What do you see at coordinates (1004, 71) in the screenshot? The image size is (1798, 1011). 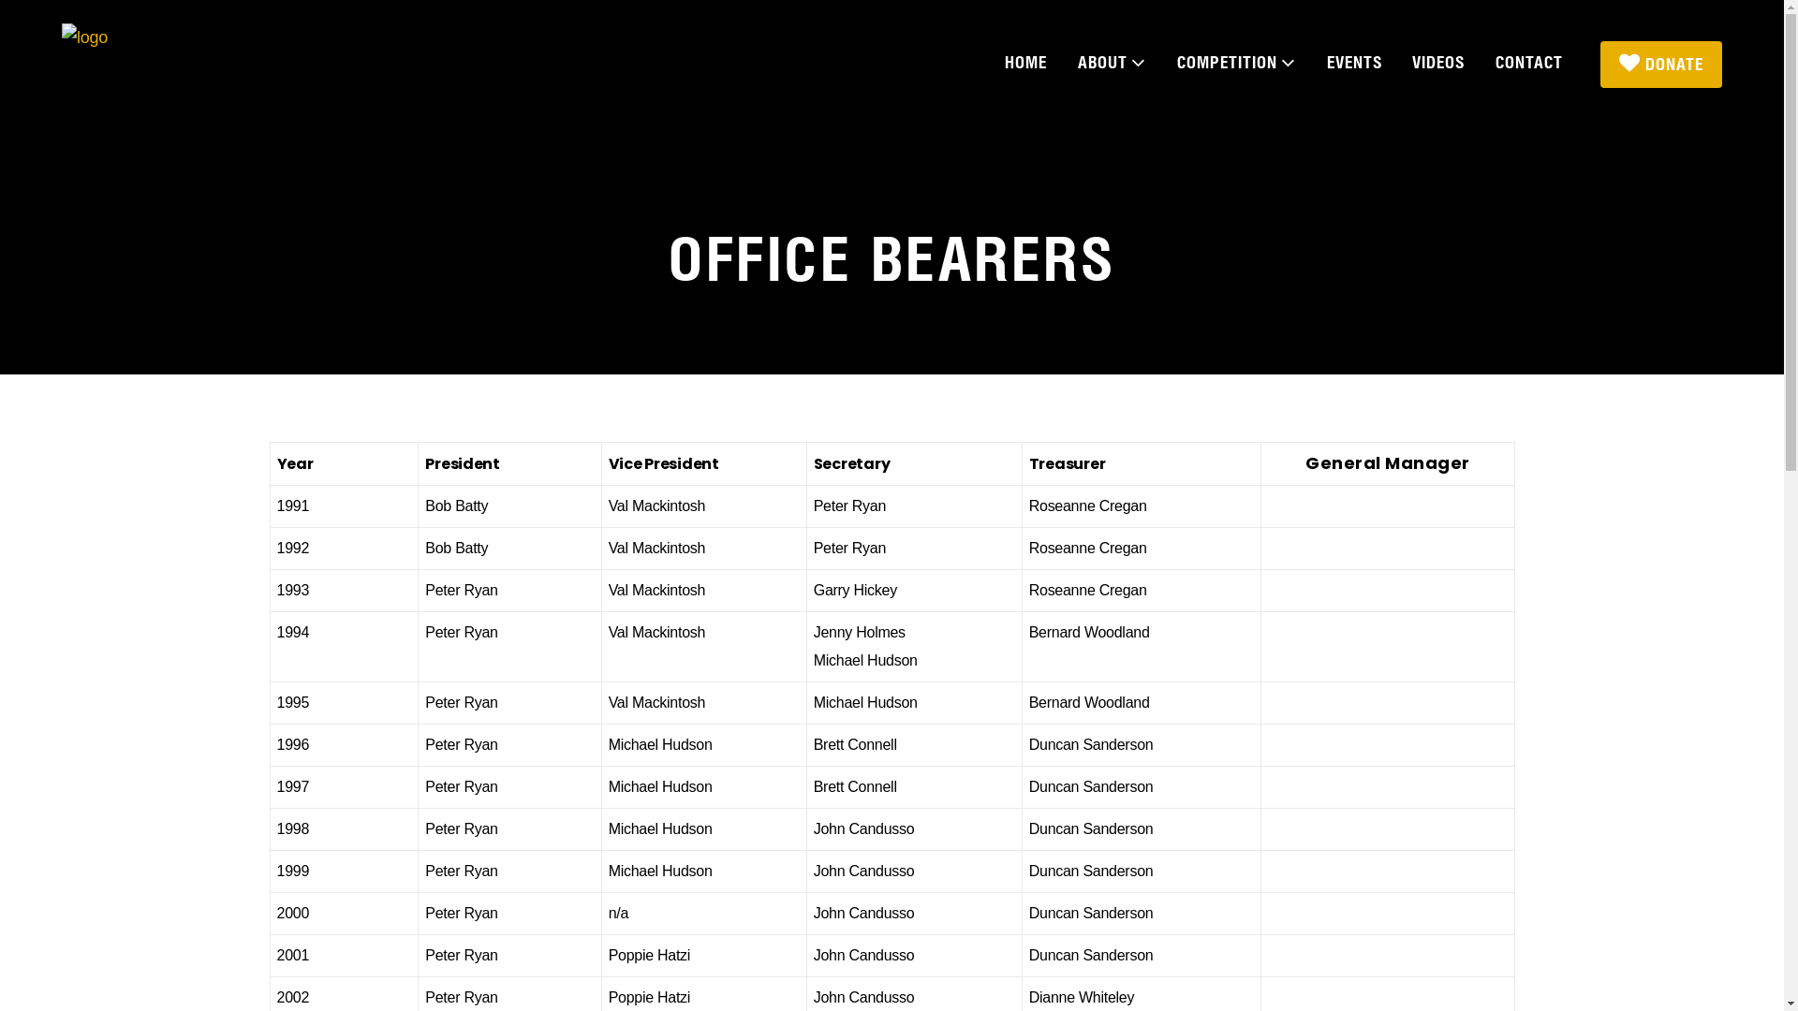 I see `'HOME'` at bounding box center [1004, 71].